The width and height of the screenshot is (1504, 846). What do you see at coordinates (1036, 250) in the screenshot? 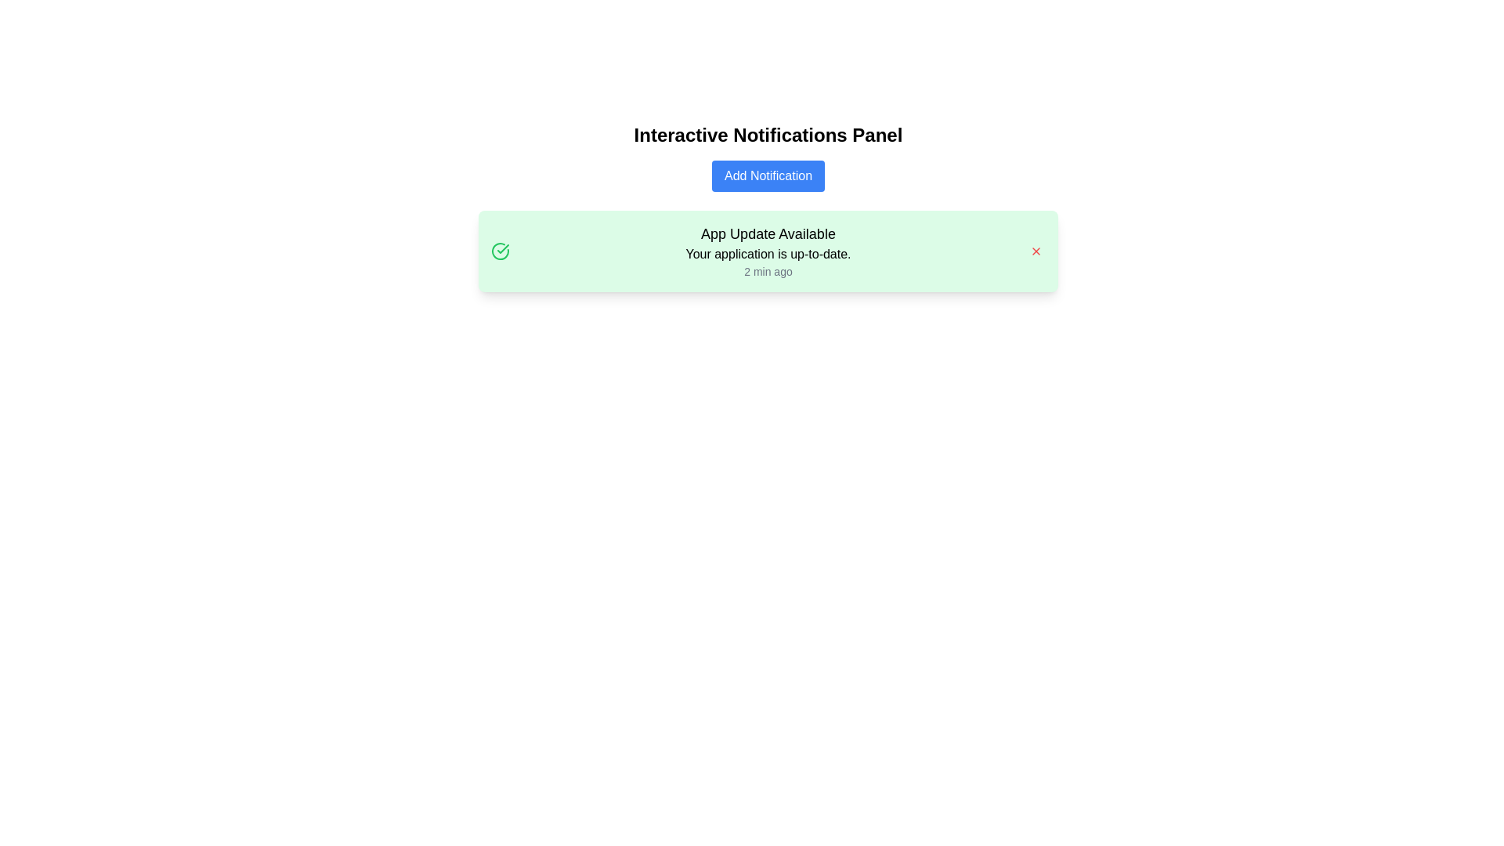
I see `the rounded button with a red 'X' icon` at bounding box center [1036, 250].